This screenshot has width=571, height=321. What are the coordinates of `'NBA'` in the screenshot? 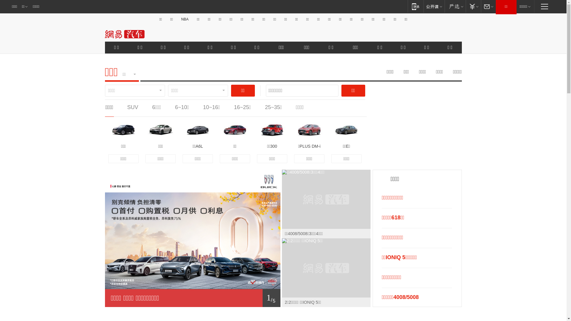 It's located at (184, 19).